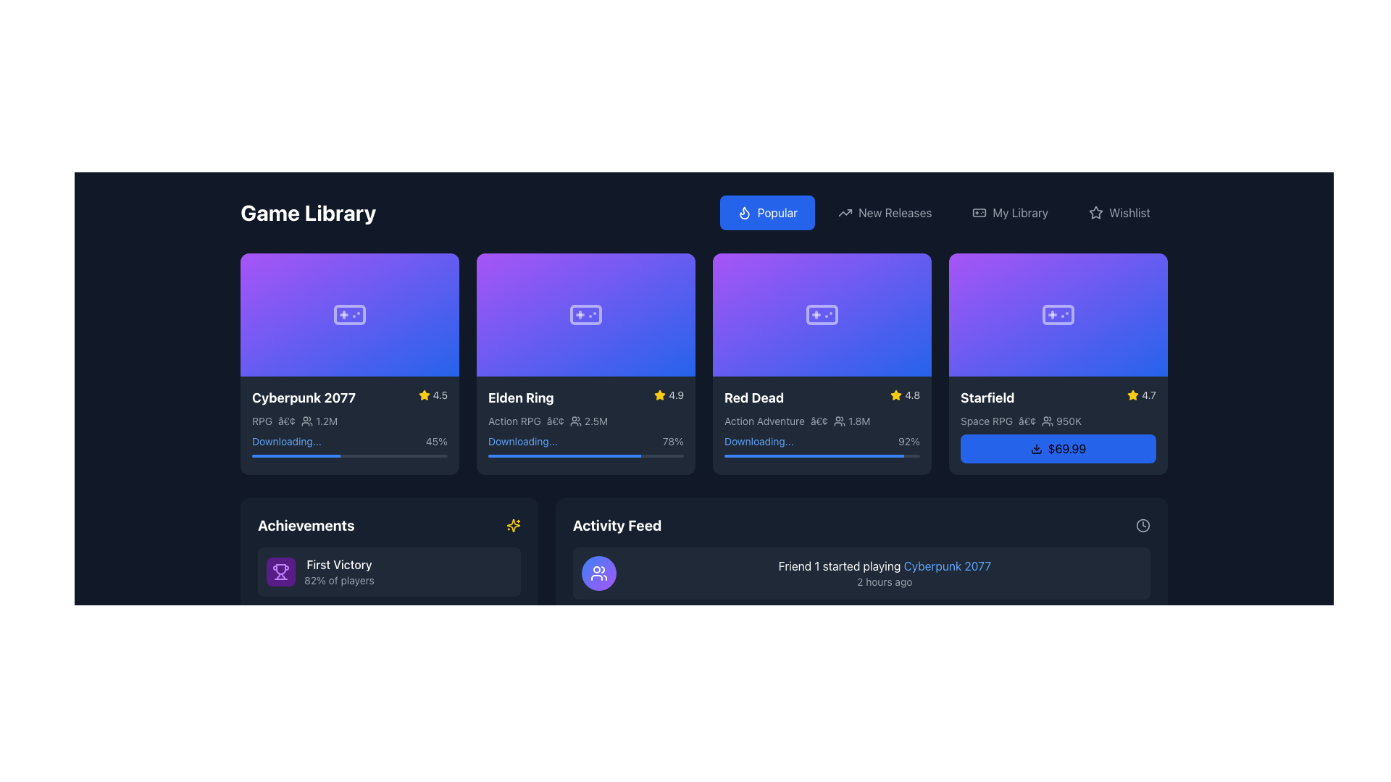 The height and width of the screenshot is (782, 1391). Describe the element at coordinates (676, 272) in the screenshot. I see `the button in the top-right corner of the 'Elden Ring' card in the 'Game Library' interface` at that location.